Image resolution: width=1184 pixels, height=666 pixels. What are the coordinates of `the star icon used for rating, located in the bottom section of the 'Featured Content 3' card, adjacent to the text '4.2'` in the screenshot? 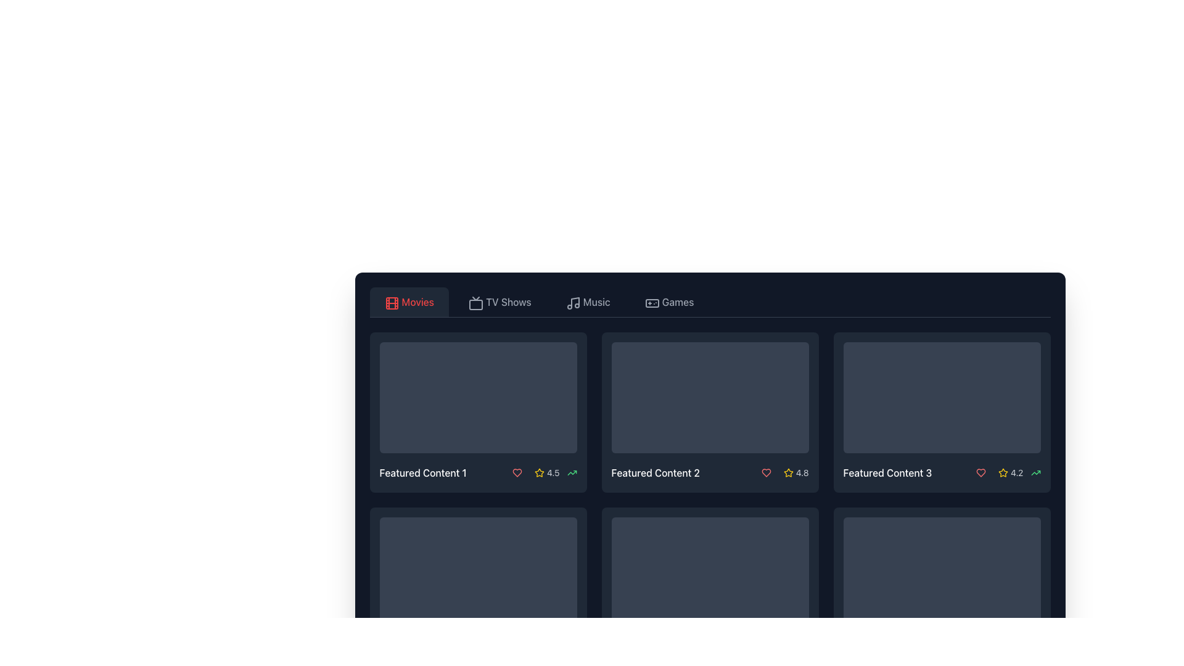 It's located at (1003, 472).